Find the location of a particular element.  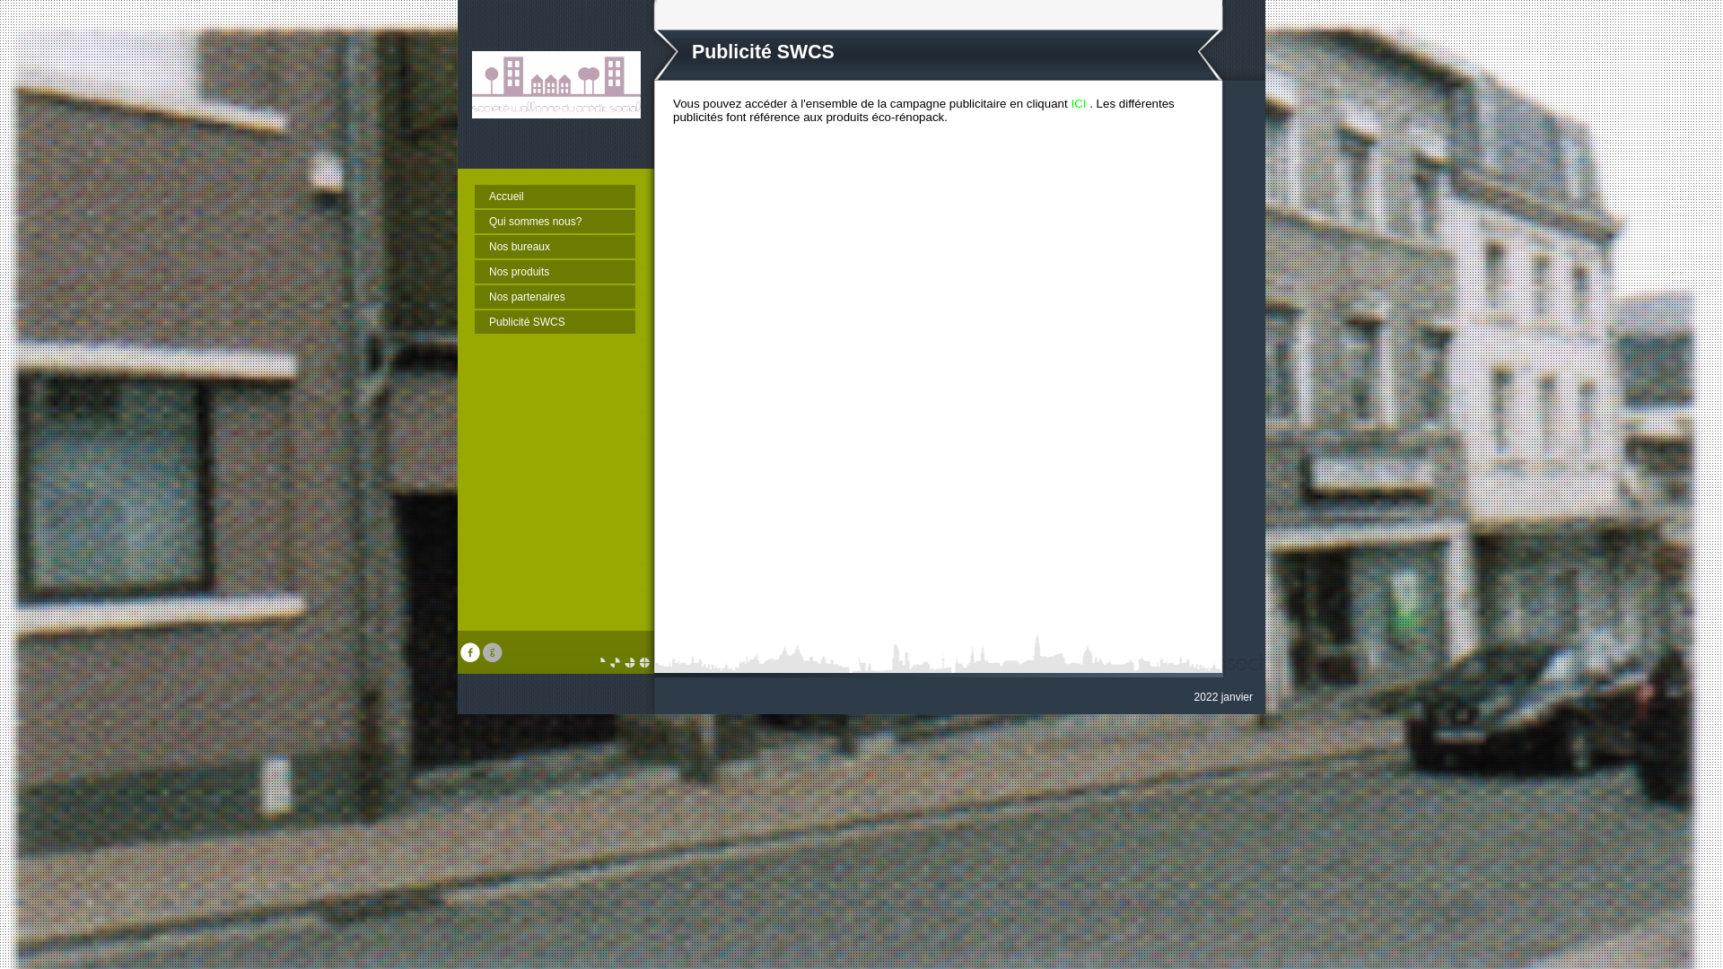

'Nos partenaires' is located at coordinates (554, 296).